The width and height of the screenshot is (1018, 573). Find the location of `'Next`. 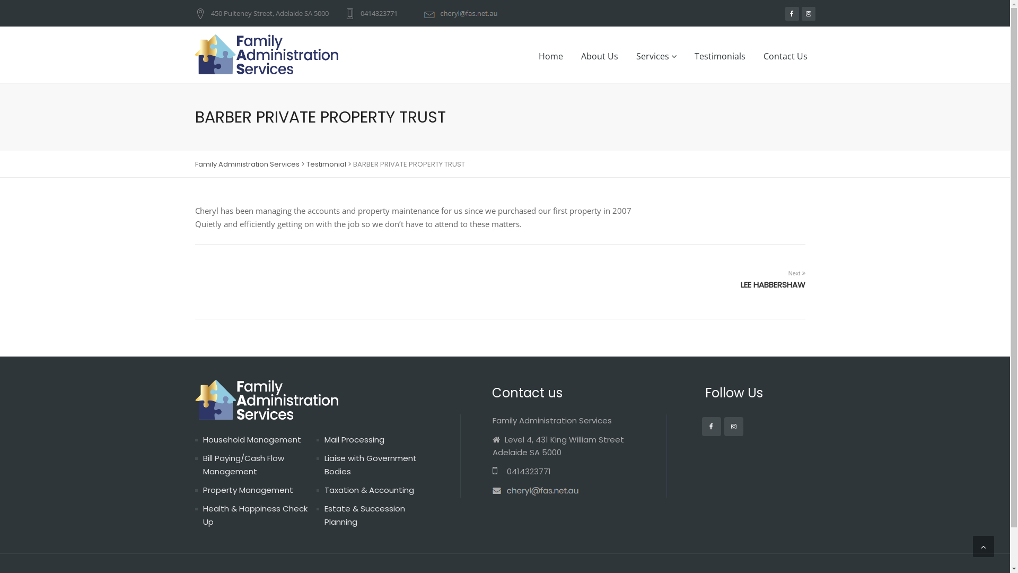

'Next is located at coordinates (740, 277).